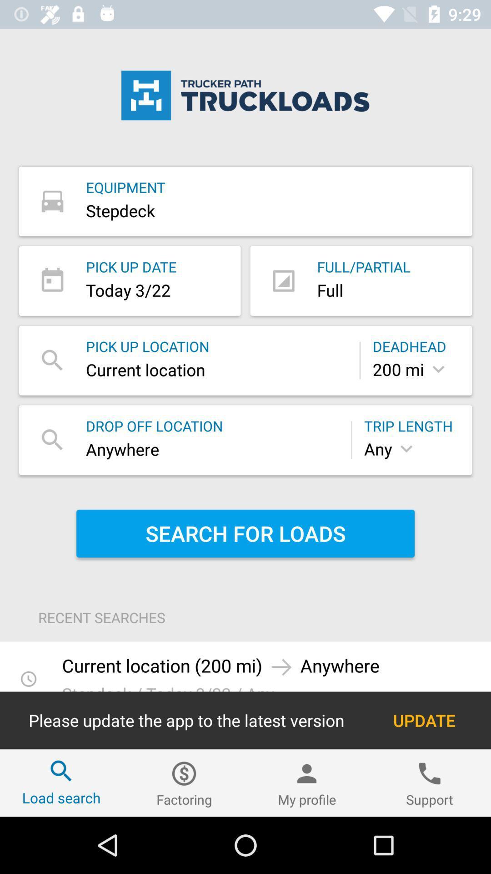 The height and width of the screenshot is (874, 491). What do you see at coordinates (245, 534) in the screenshot?
I see `the icon above recent searches item` at bounding box center [245, 534].